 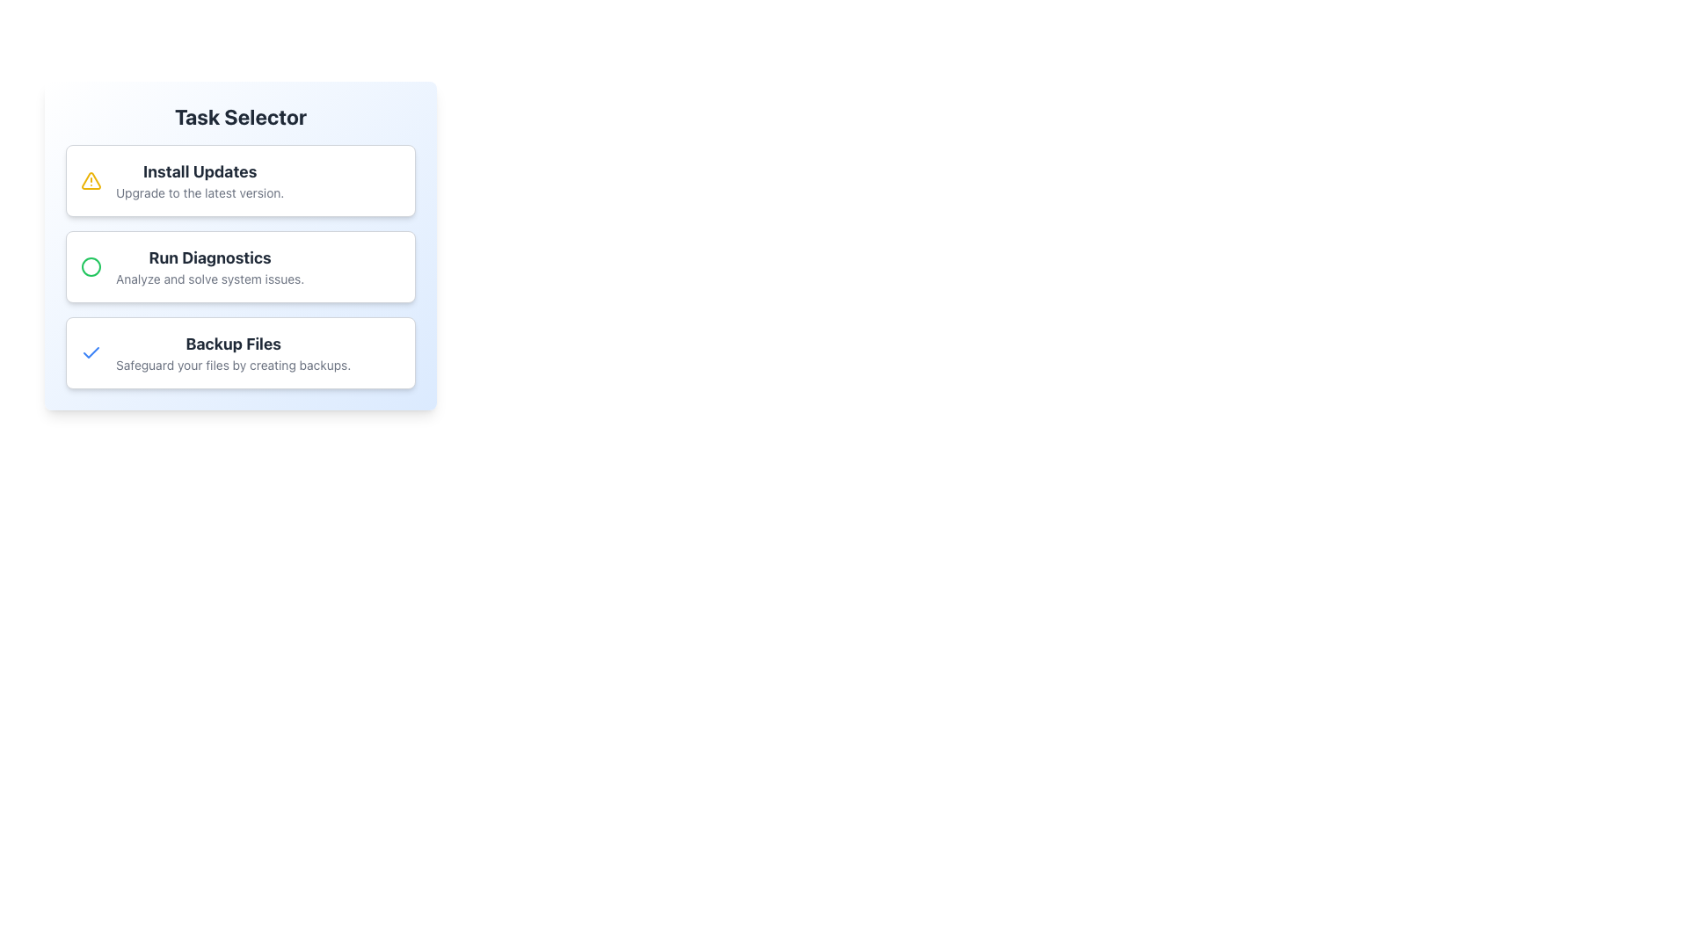 What do you see at coordinates (200, 180) in the screenshot?
I see `the 'Install Updates' task selector` at bounding box center [200, 180].